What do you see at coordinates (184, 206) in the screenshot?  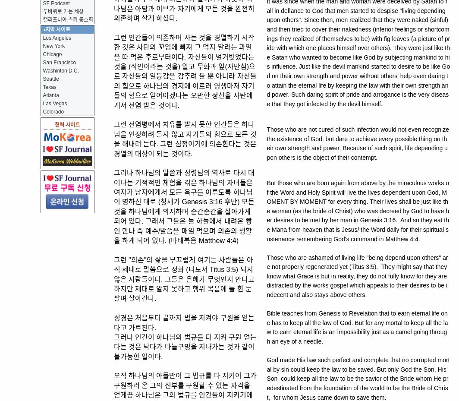 I see `'그러나 하나님의 말씀과 성령님의 역사로 다시 태어나는 기적적인 체험을 										겪은 하나님의 자녀들은 여자가 남자에게서 모든 욕구를 이루도록 하나님이 										명하신 대로 (창세기 Genesis 3:16 후반) 모든 것을 하나님에게 										의지하며 순간순간을 살아가게 되어 있다. 그래서 그들은 늘 하늘에서 										내려온 빵인 만나 즉 예수/말씀을 매일 먹으며 의존의 생활을 하게 되어 										있다. (마태복음 Matthew 4:4)'` at bounding box center [184, 206].